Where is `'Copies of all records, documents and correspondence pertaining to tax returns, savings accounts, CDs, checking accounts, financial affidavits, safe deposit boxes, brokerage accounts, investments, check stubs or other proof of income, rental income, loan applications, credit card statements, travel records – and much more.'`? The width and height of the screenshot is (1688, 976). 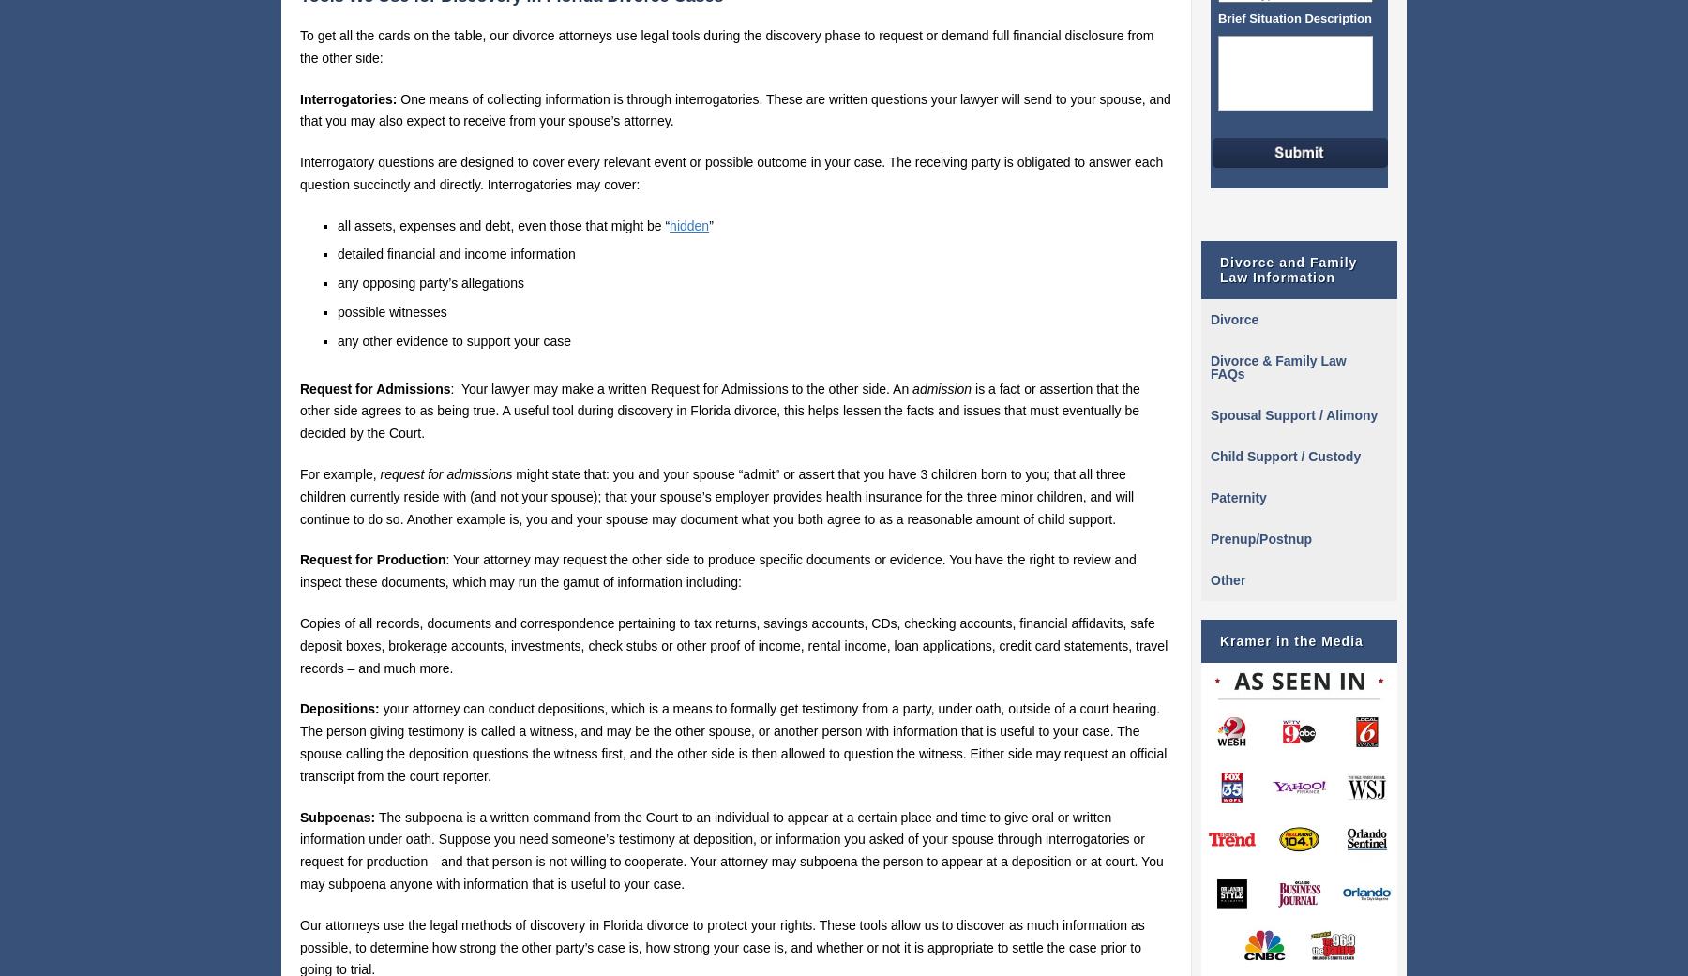
'Copies of all records, documents and correspondence pertaining to tax returns, savings accounts, CDs, checking accounts, financial affidavits, safe deposit boxes, brokerage accounts, investments, check stubs or other proof of income, rental income, loan applications, credit card statements, travel records – and much more.' is located at coordinates (732, 644).